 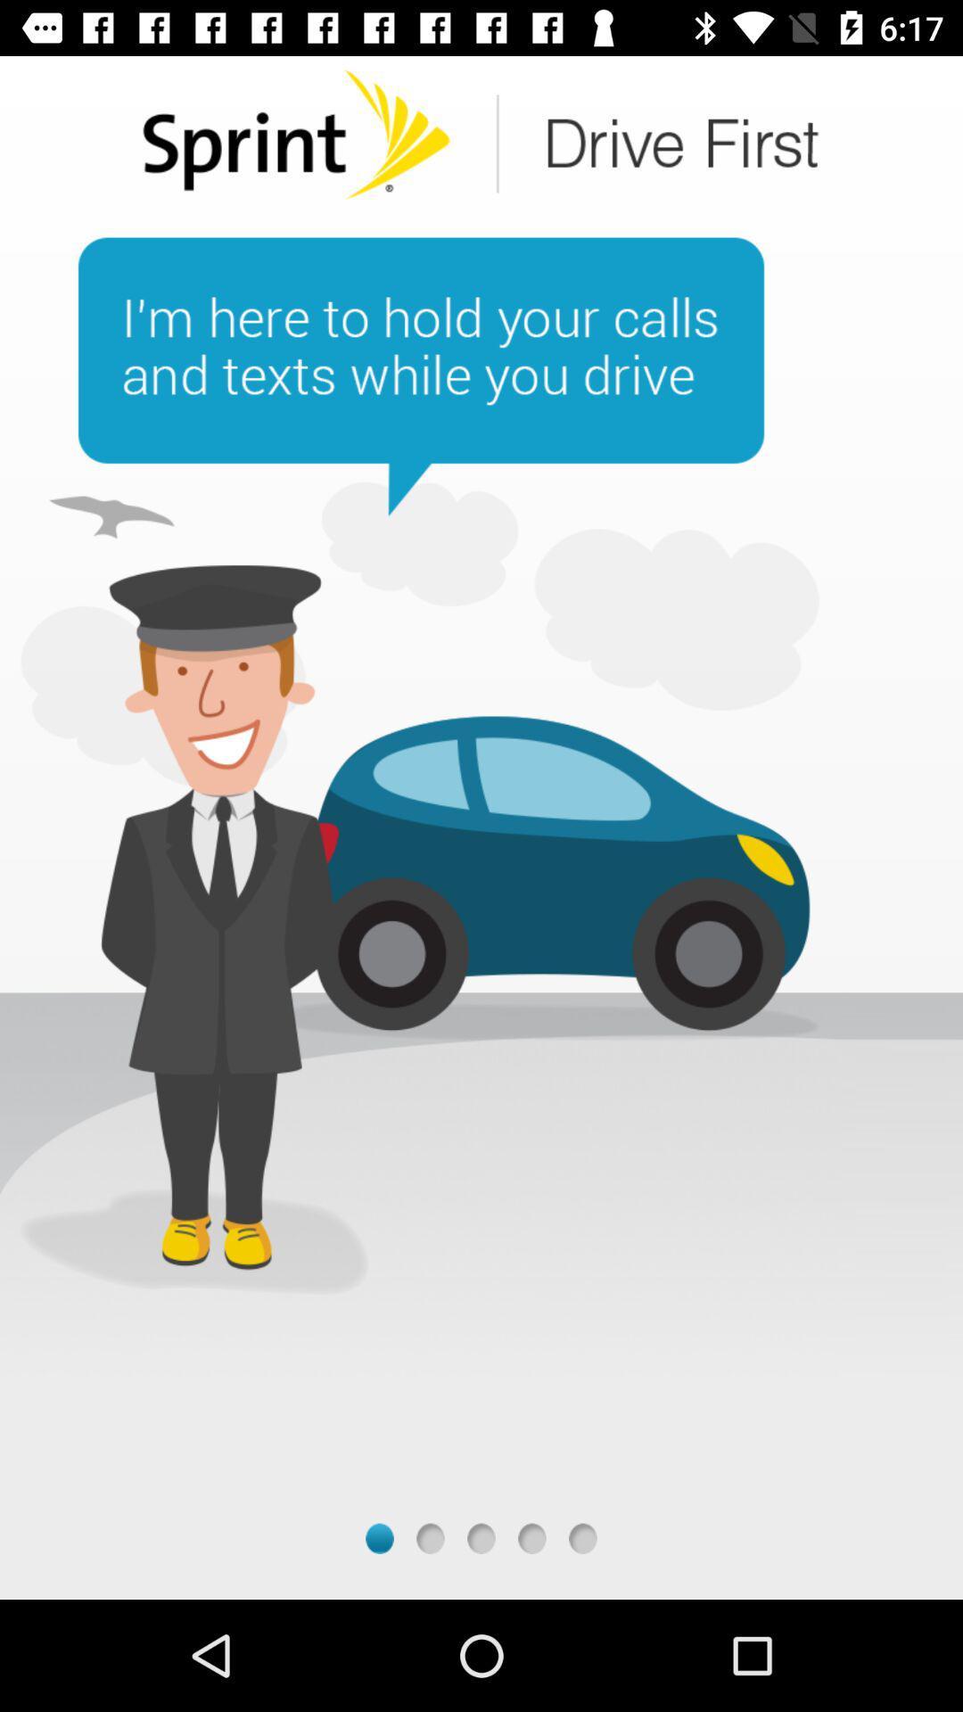 I want to click on next screen, so click(x=378, y=1537).